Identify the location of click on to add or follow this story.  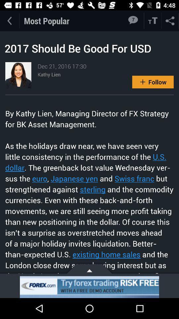
(153, 81).